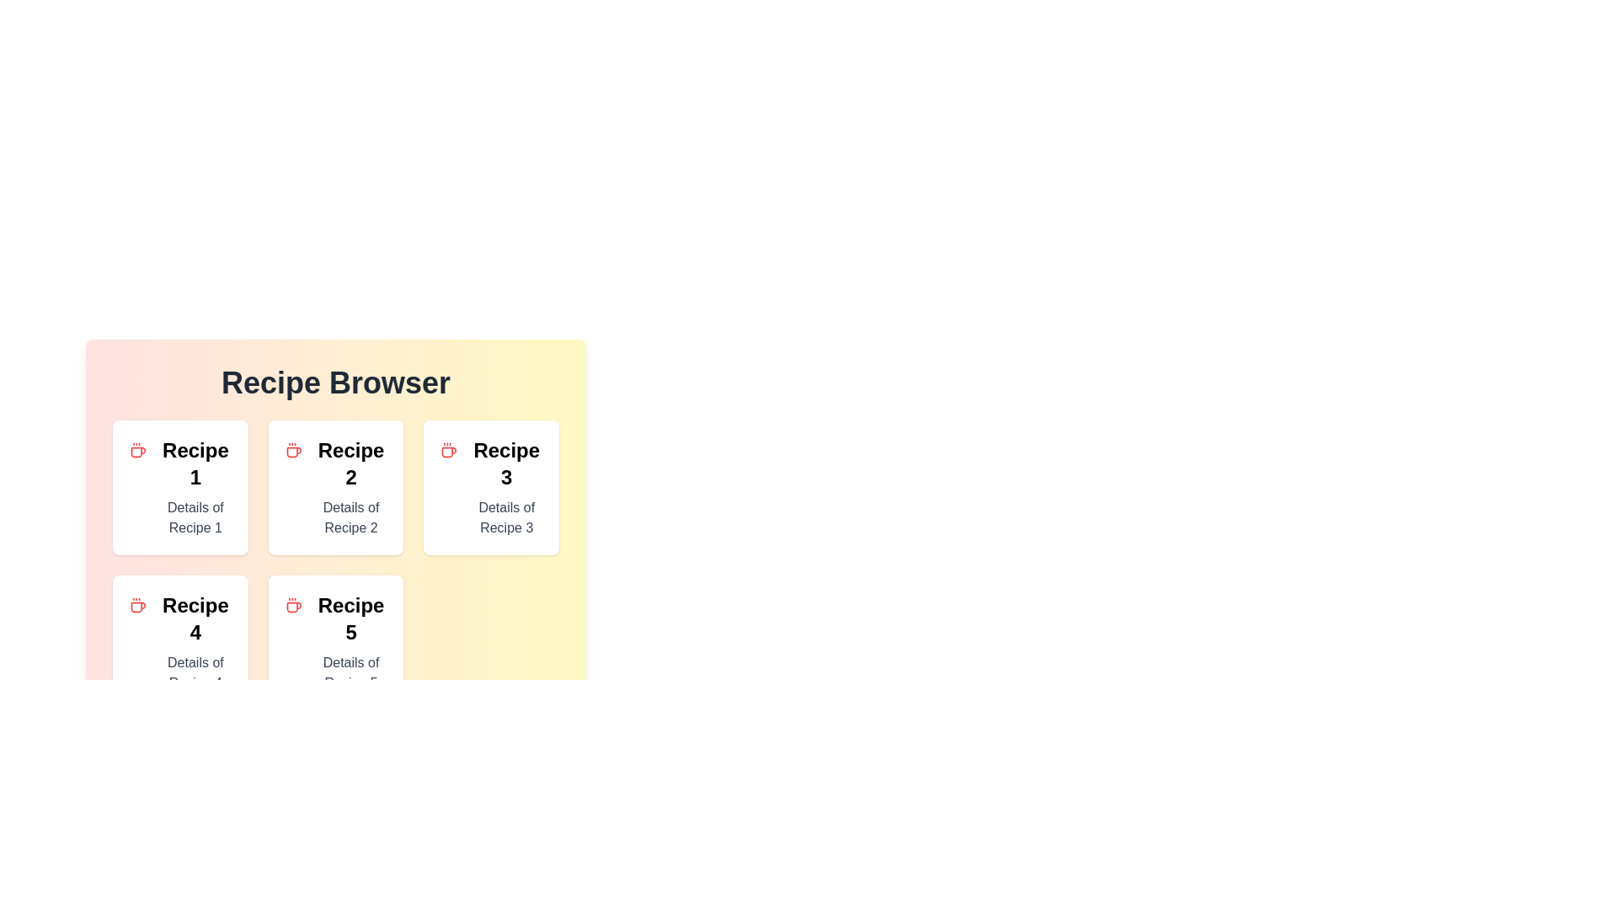  What do you see at coordinates (180, 643) in the screenshot?
I see `the static informational card that represents a recipe entry, located in the bottom-left corner of a 3-column layout grid, directly below the 'Recipe 1' card` at bounding box center [180, 643].